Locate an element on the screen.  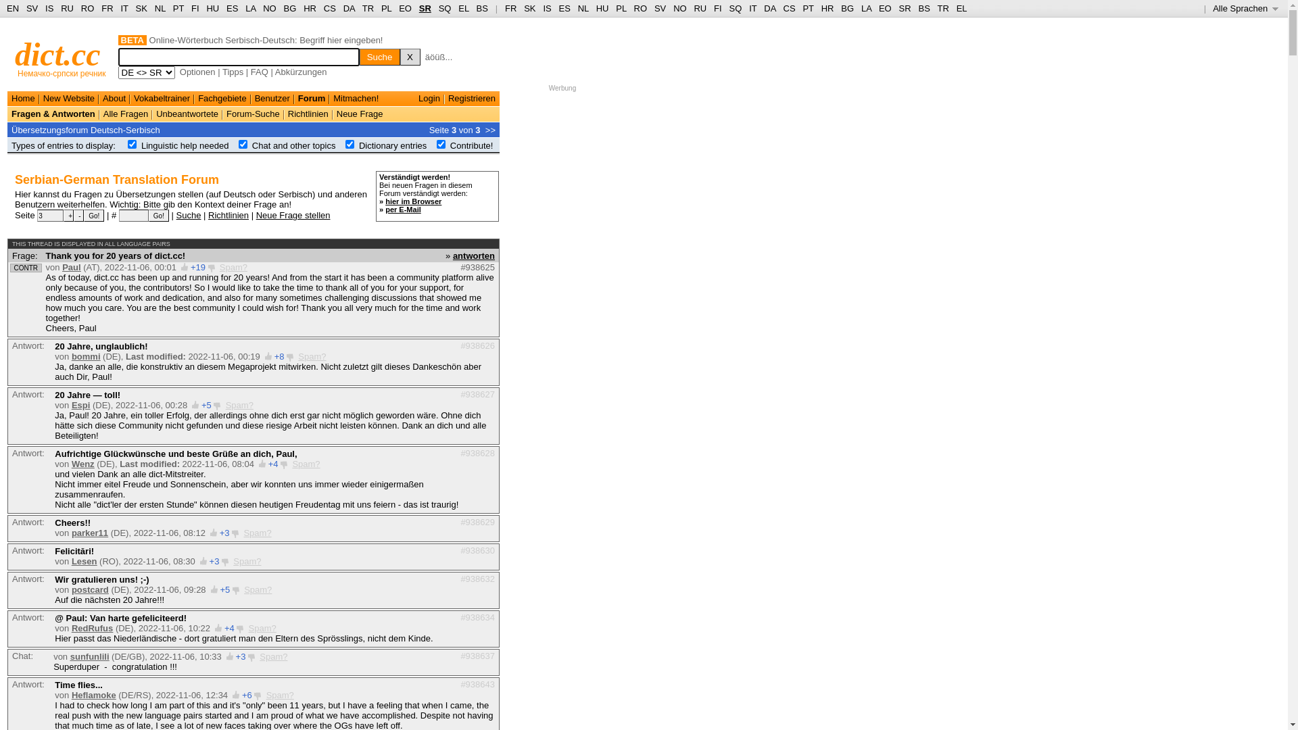
'Serbian-German Translation Forum' is located at coordinates (15, 179).